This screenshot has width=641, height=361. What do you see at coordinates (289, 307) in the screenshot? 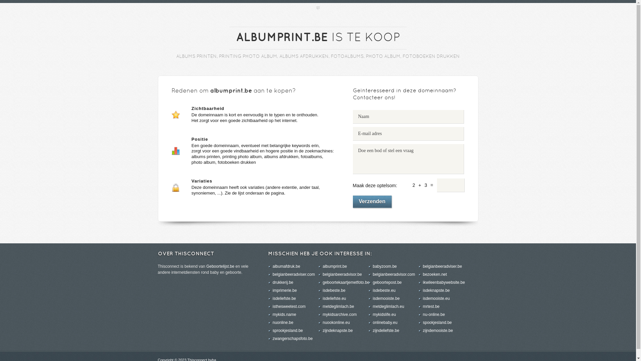
I see `'isthesweetest.com'` at bounding box center [289, 307].